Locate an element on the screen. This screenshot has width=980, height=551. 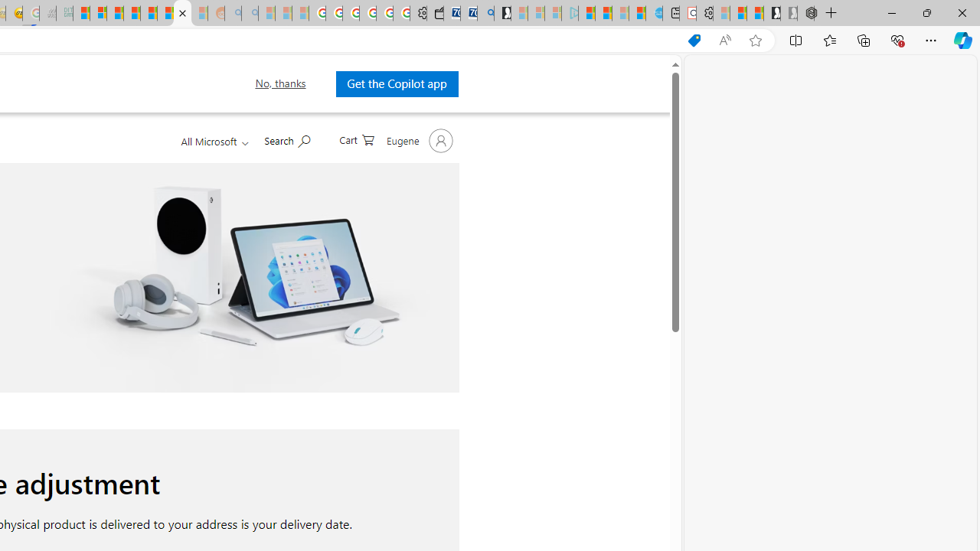
'Navy Quest' is located at coordinates (47, 13).